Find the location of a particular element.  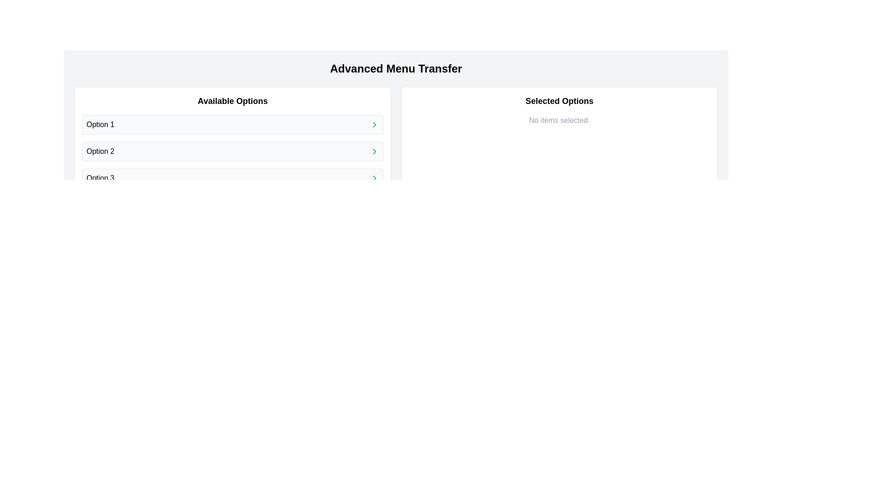

the button located at the far right end of the block labeled 'Option 3', which is the third item in the list under 'Available Options' is located at coordinates (374, 178).